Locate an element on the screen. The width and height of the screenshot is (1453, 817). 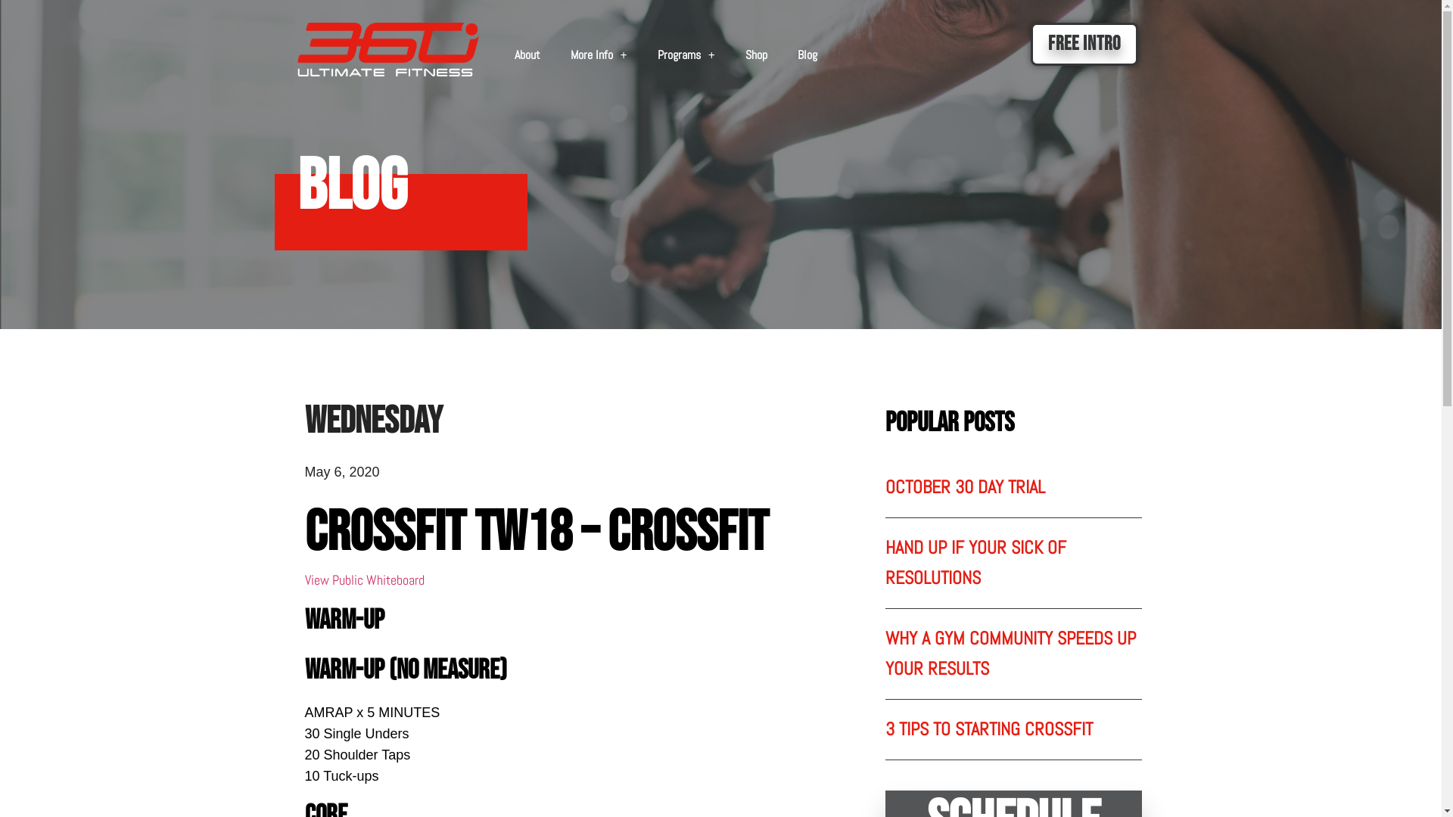
'Programs' is located at coordinates (686, 54).